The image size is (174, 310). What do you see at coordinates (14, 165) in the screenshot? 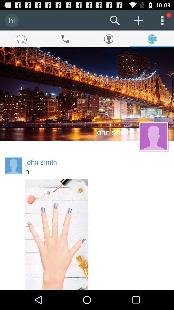
I see `the app next to john smith item` at bounding box center [14, 165].